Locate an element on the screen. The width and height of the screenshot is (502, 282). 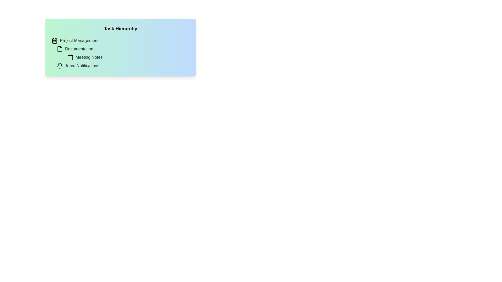
the Text Label indicating 'Project Management' in the navigation menu, located just below the clipboard icon and above 'Documentation' is located at coordinates (79, 40).